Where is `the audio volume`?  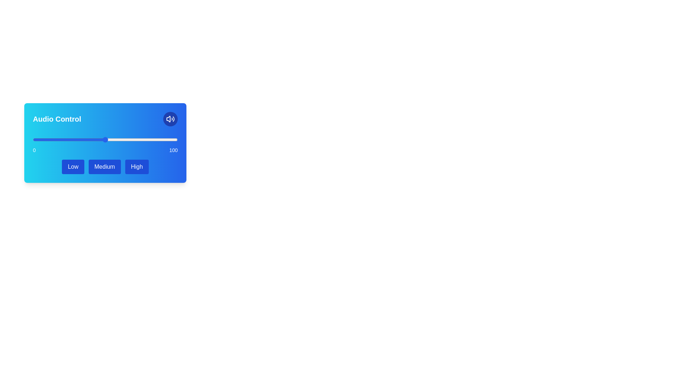
the audio volume is located at coordinates (54, 139).